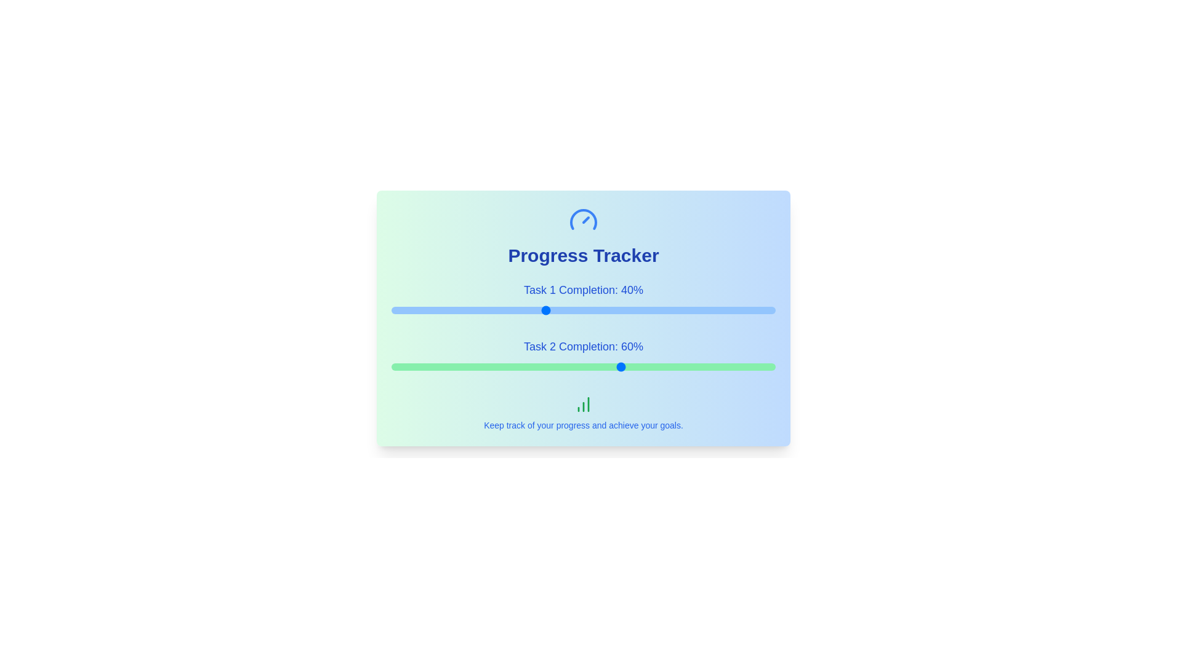 Image resolution: width=1182 pixels, height=664 pixels. What do you see at coordinates (560, 366) in the screenshot?
I see `the Task 2 completion slider` at bounding box center [560, 366].